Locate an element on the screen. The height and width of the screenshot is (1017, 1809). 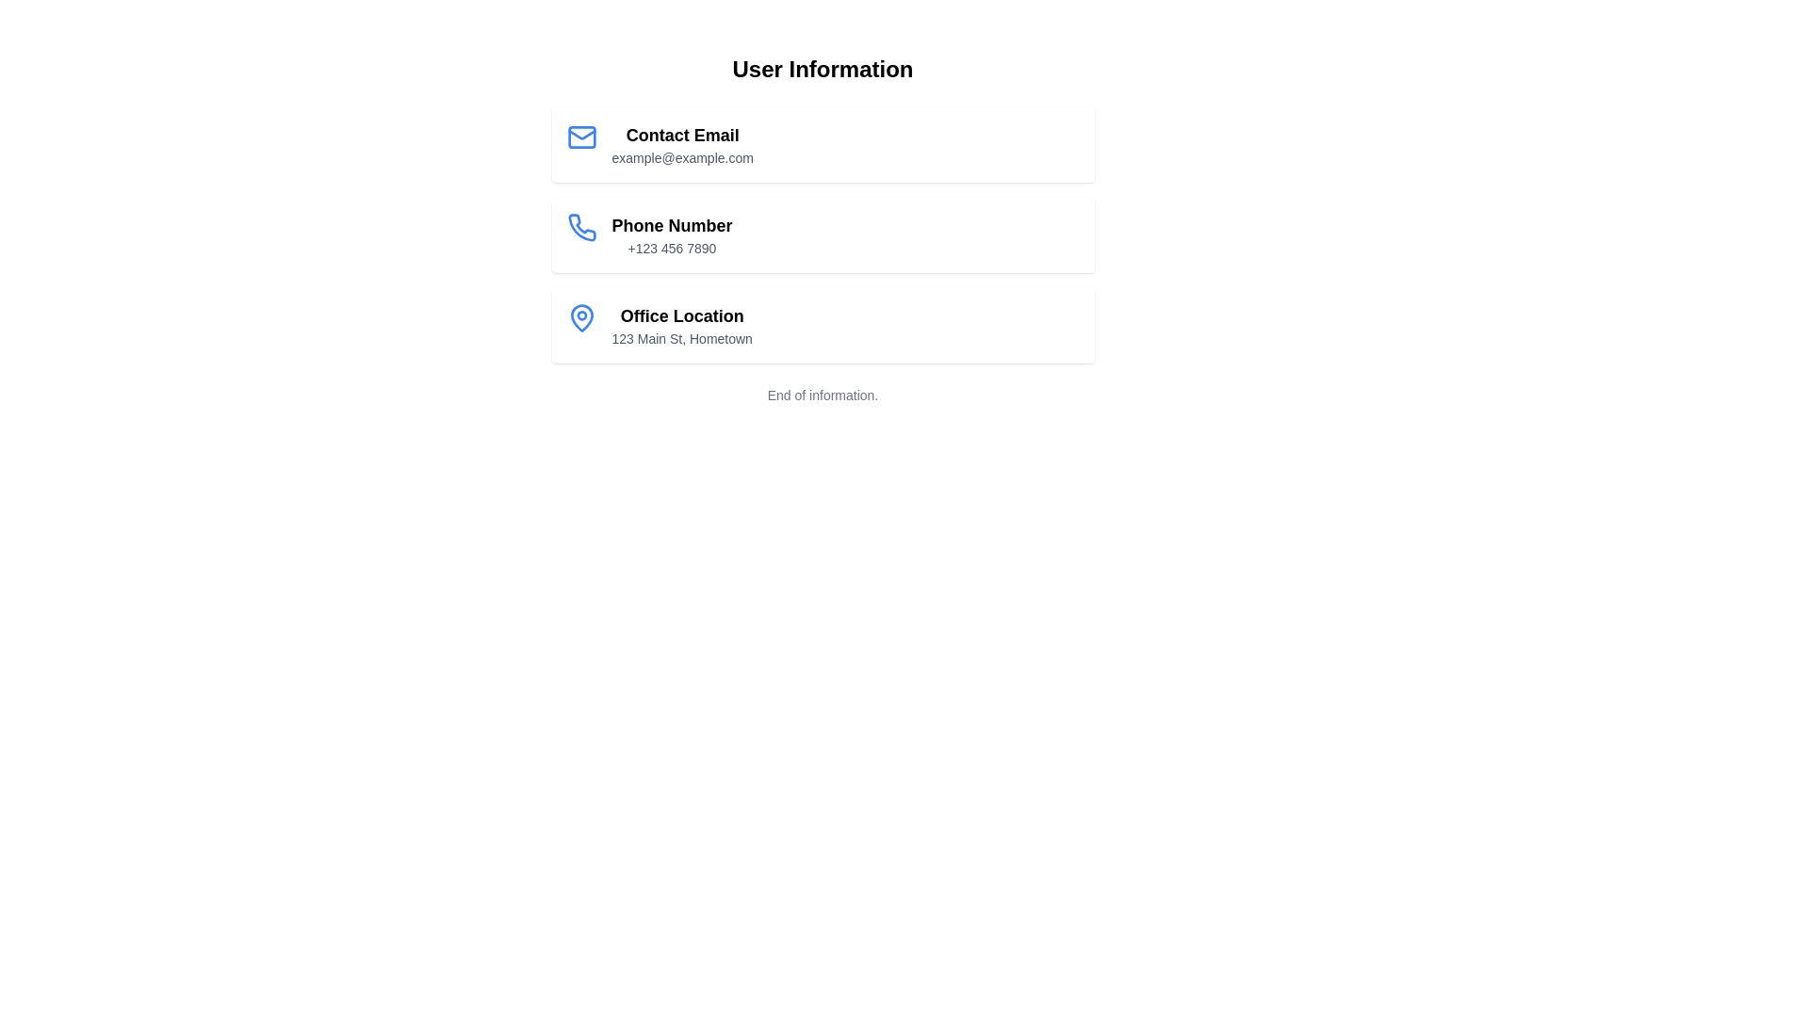
the email icon located at the top left corner of the 'Contact Email' section card is located at coordinates (580, 137).